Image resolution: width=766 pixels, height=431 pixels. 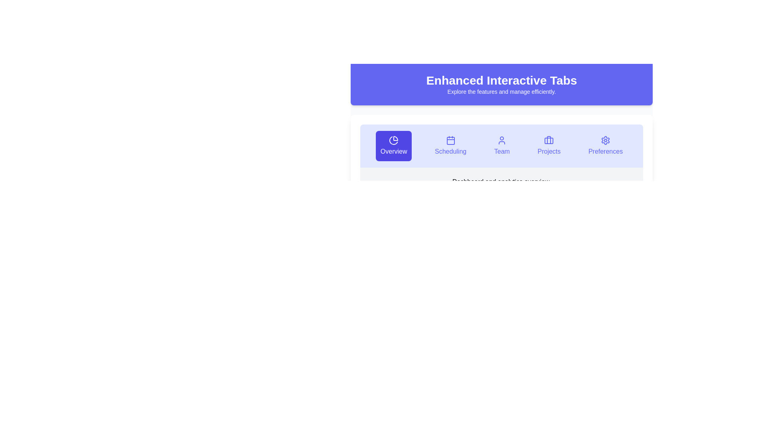 I want to click on the 'Scheduling' icon in the navigation bar, which is the second option and centrally positioned among 'Overview' and 'Team', so click(x=450, y=140).